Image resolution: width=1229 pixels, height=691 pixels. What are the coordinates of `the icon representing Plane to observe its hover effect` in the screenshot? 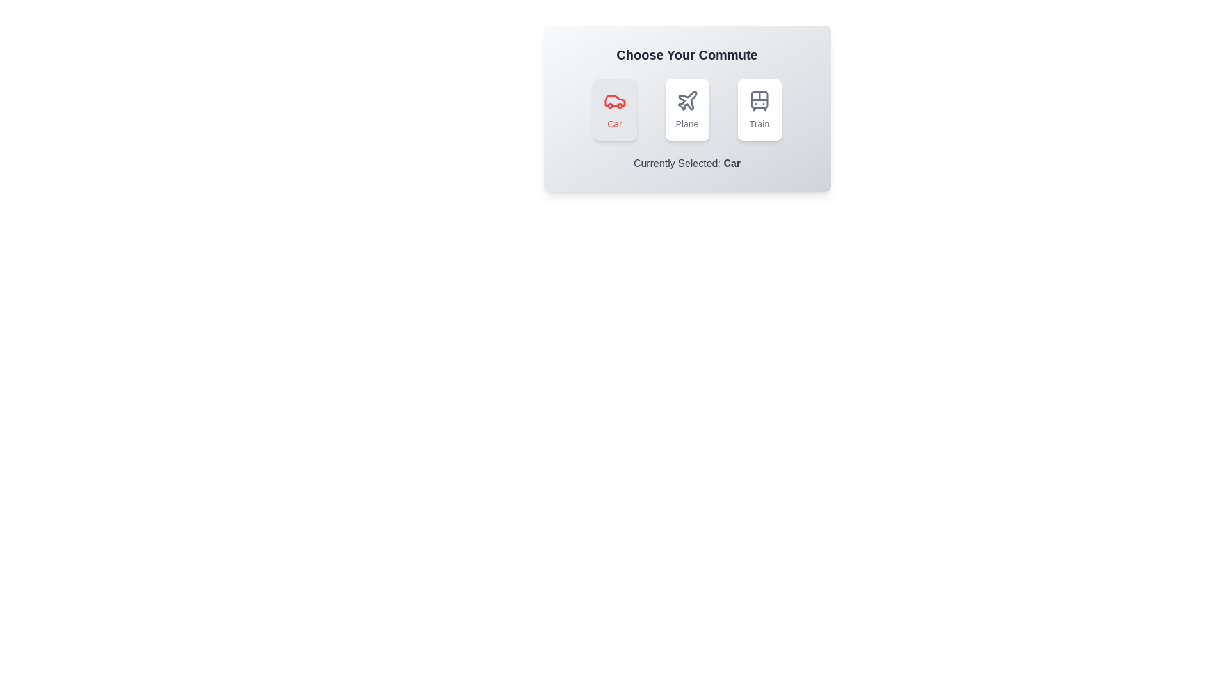 It's located at (686, 109).